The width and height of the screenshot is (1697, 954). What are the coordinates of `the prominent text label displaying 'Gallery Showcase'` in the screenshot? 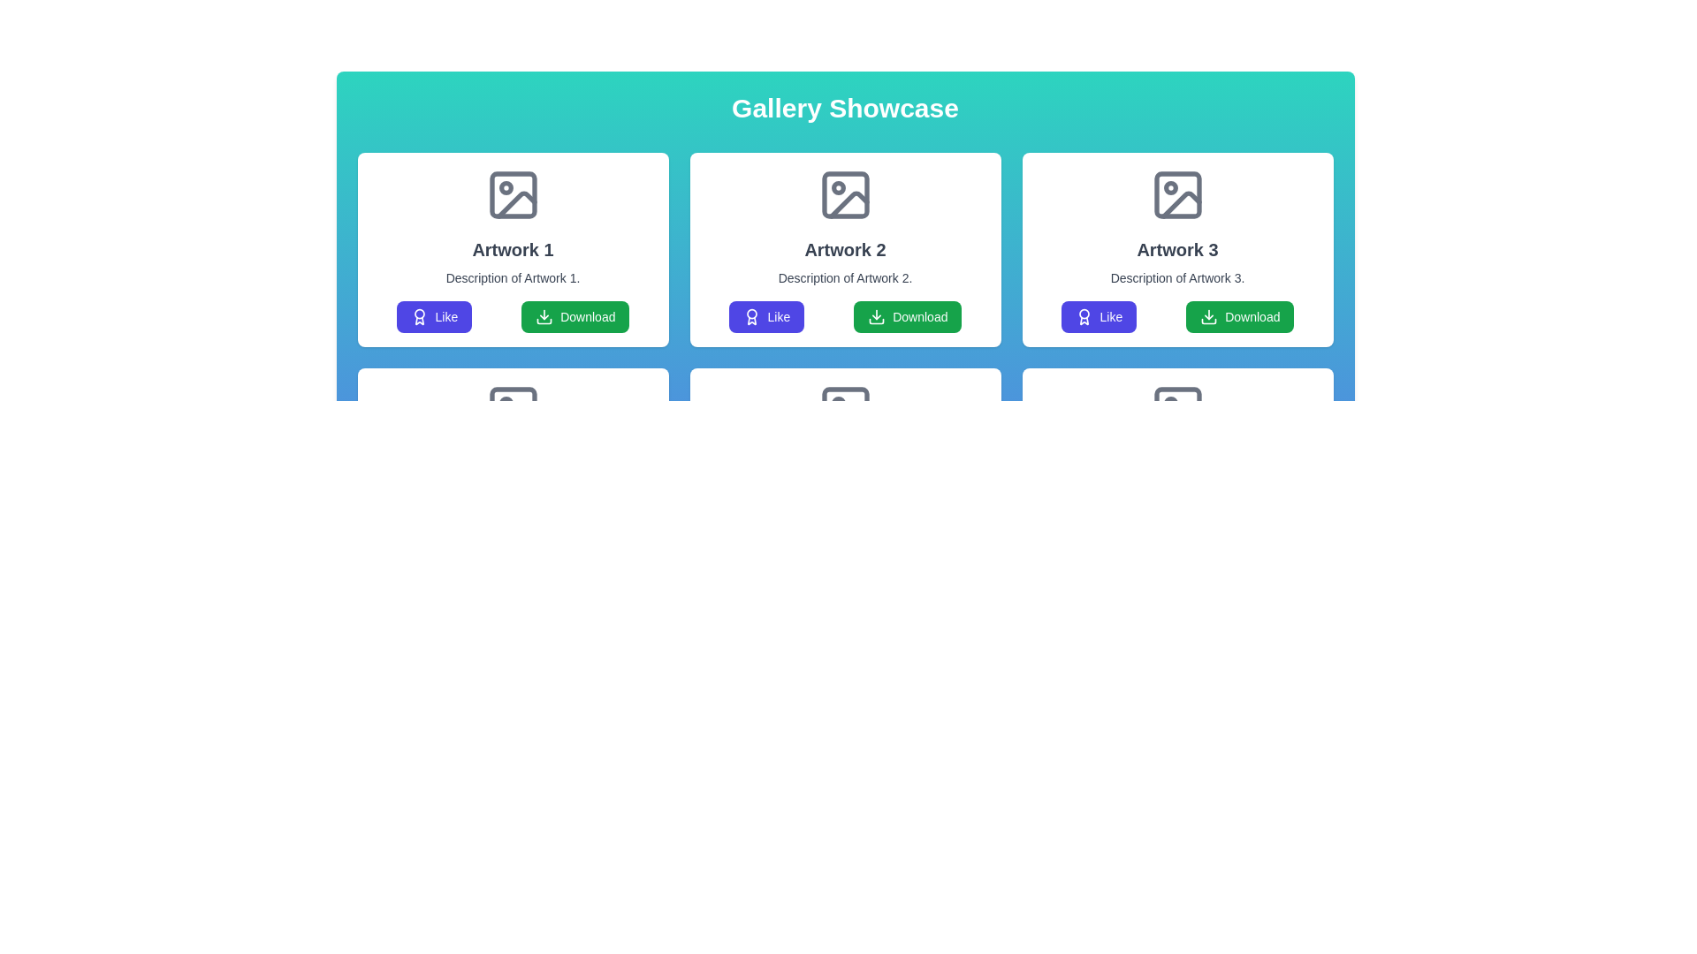 It's located at (844, 109).